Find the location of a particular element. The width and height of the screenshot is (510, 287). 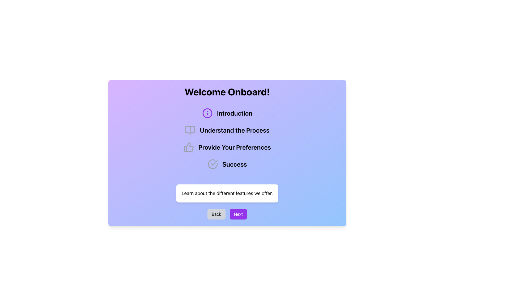

the 'Success' completion icon located to the left of the text label in the onboarding steps dialog box is located at coordinates (213, 164).